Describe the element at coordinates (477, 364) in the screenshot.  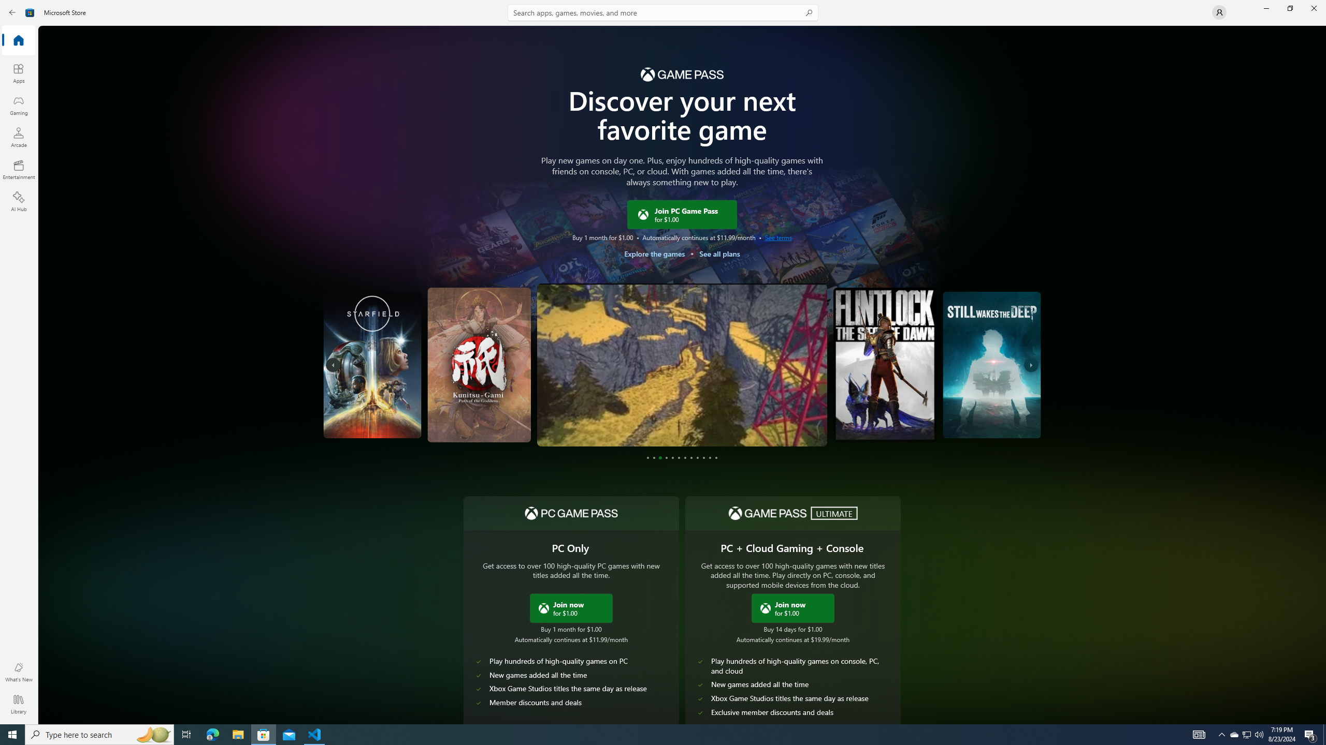
I see `'Kunitsu-Gami: Path of the Goddess'` at that location.